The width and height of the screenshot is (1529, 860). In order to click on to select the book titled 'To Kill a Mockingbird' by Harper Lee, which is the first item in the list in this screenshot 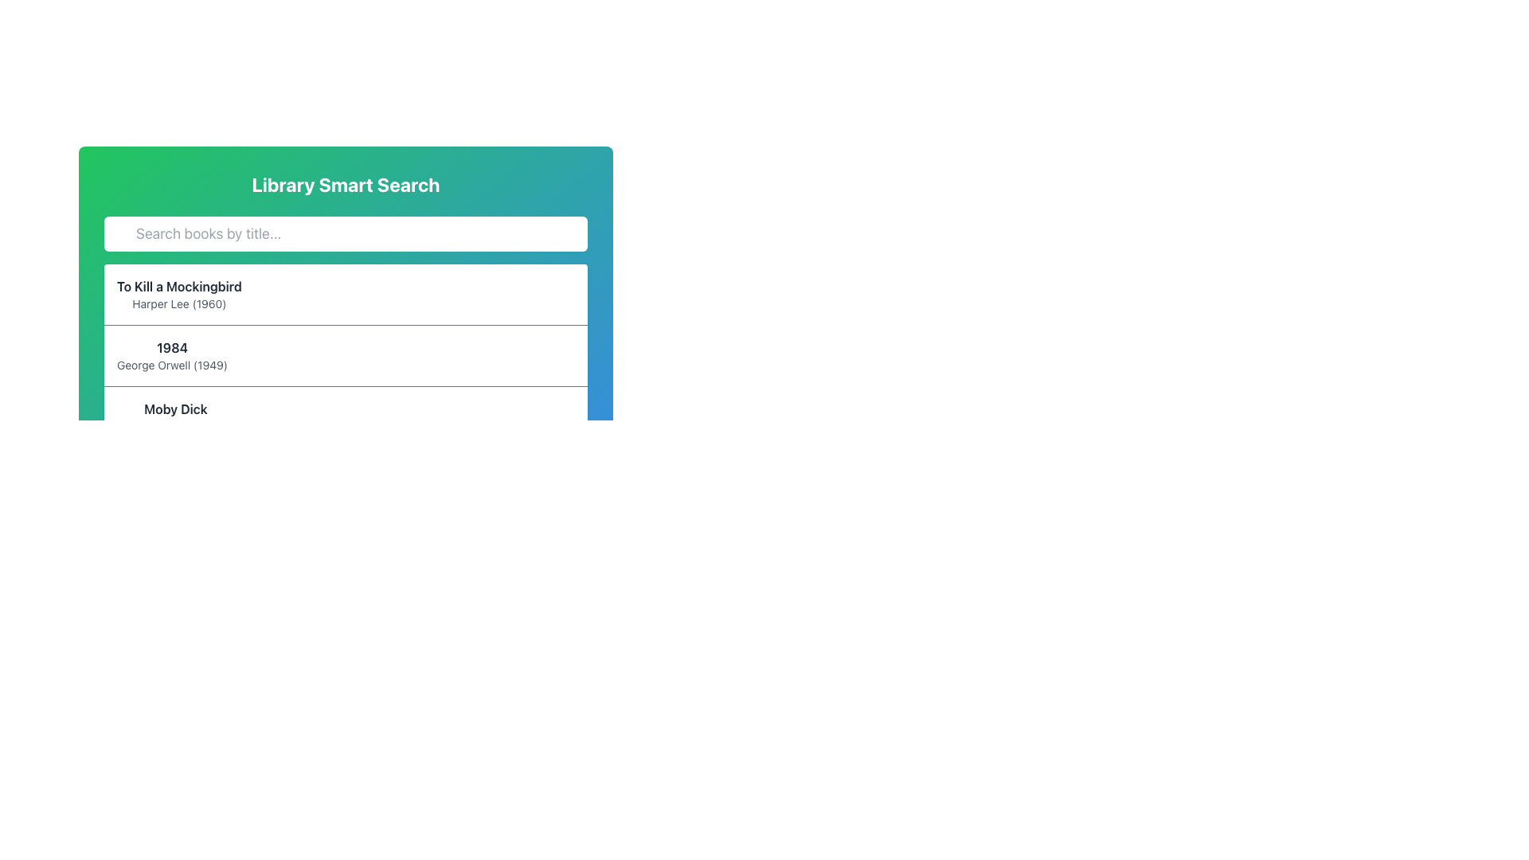, I will do `click(345, 295)`.